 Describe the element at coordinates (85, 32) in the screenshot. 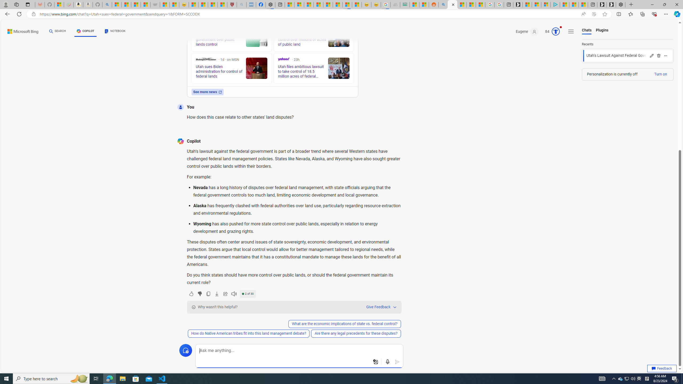

I see `'COPILOT'` at that location.